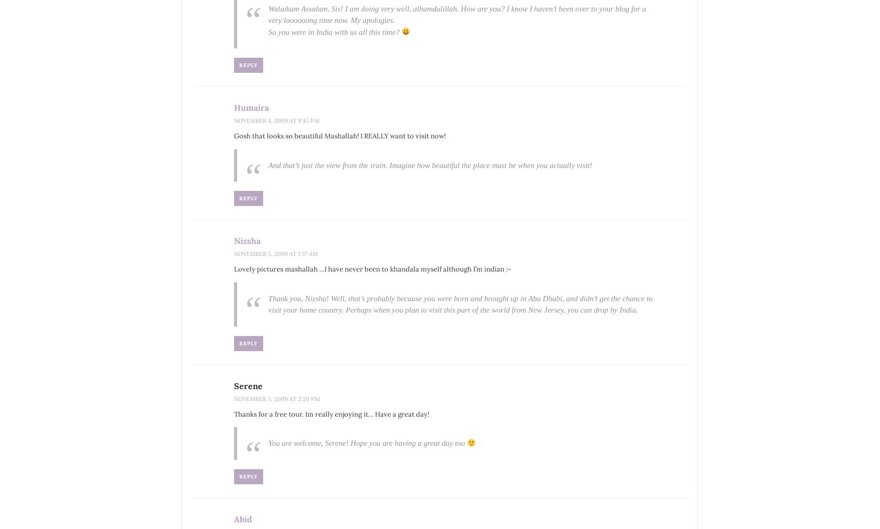 The image size is (880, 529). Describe the element at coordinates (277, 398) in the screenshot. I see `'November 5, 2009 at 2:20 pm'` at that location.